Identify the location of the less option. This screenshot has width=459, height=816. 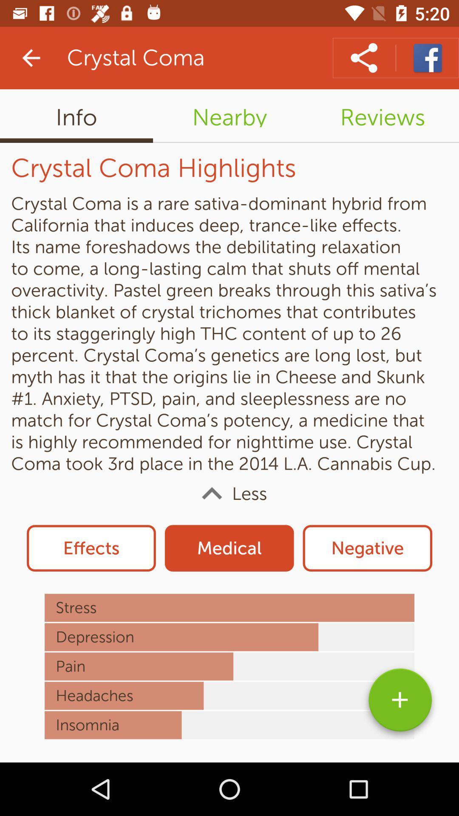
(229, 493).